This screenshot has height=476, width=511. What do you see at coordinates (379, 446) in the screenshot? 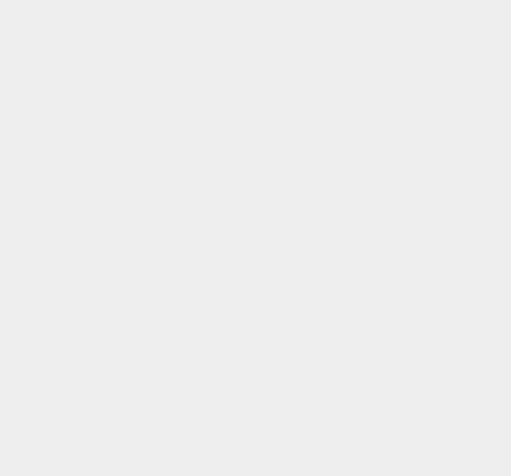
I see `'macOS 10.13'` at bounding box center [379, 446].